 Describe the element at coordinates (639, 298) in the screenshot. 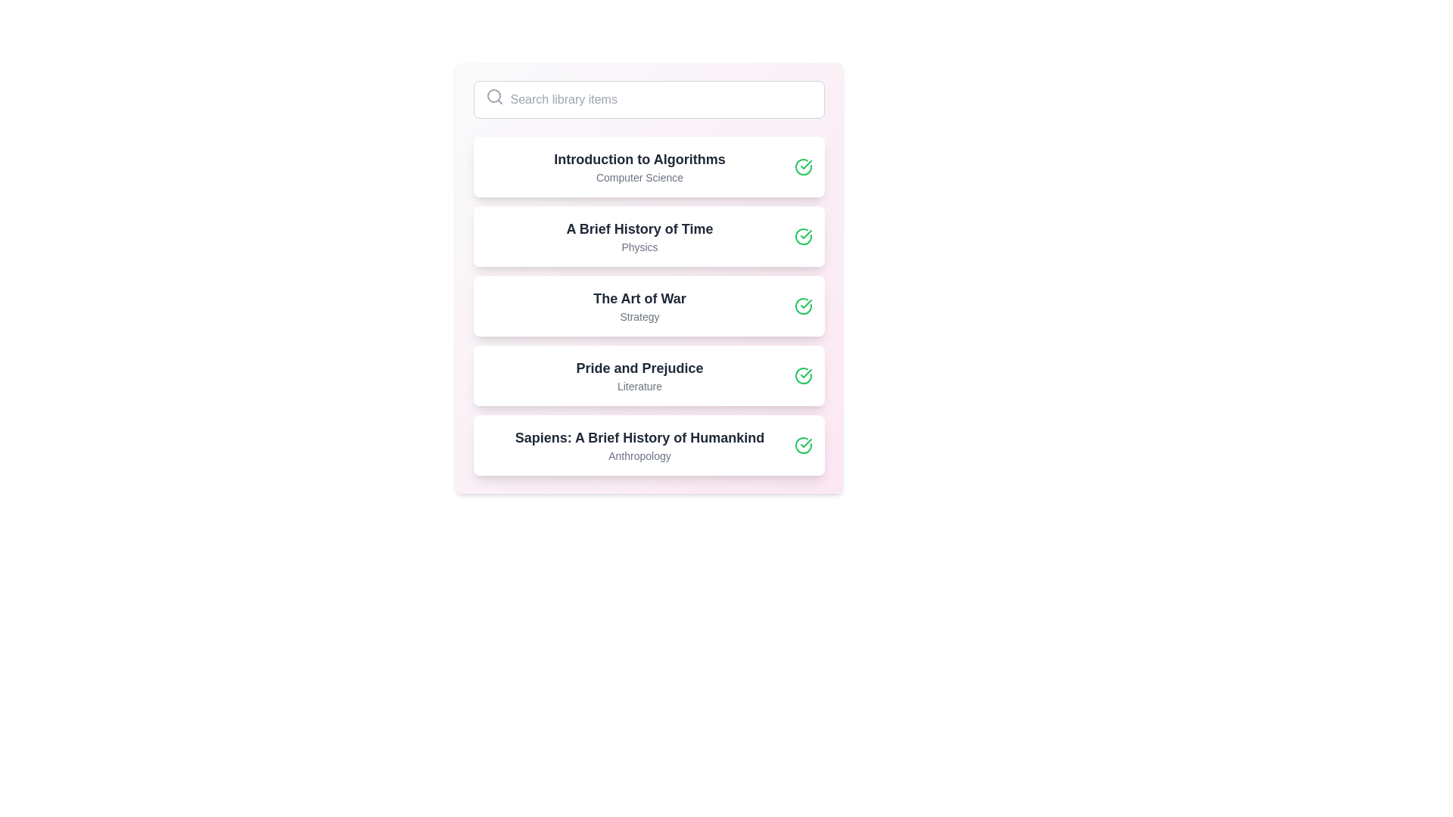

I see `the text label displaying 'The Art of War' in bold and dark font, positioned as the title within the third item card above the subtitle 'Strategy'` at that location.